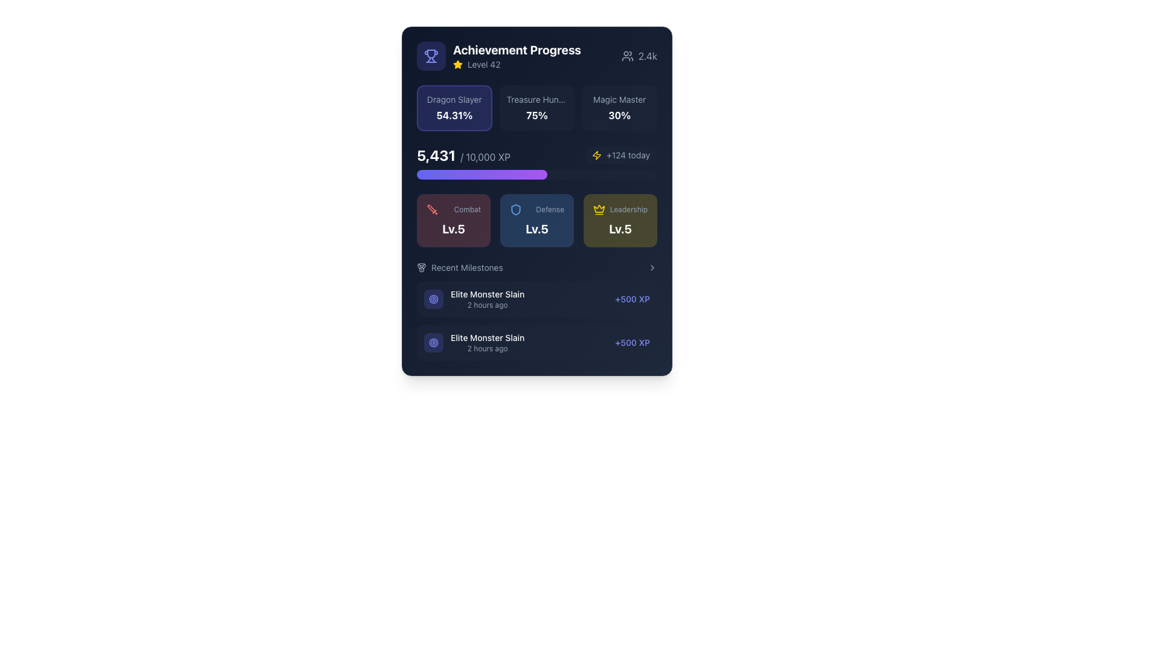  Describe the element at coordinates (431, 56) in the screenshot. I see `the achievement icon located near the top left of the 'Achievement Progress' dashboard card, which is enclosed within a rounded purple background` at that location.